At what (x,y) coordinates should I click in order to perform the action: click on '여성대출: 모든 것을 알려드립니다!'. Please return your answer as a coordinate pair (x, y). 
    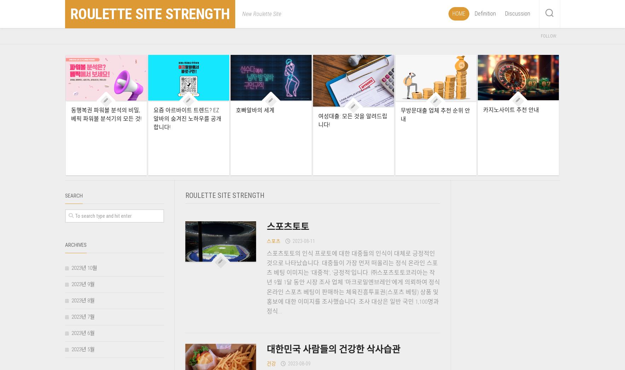
    Looking at the image, I should click on (318, 120).